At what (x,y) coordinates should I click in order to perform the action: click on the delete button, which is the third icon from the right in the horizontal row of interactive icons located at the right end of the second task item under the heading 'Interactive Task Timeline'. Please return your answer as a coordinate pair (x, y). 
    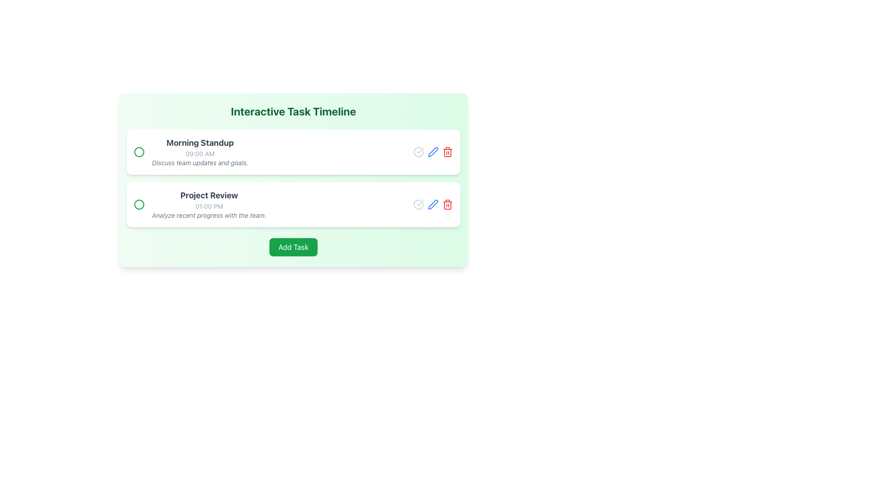
    Looking at the image, I should click on (448, 204).